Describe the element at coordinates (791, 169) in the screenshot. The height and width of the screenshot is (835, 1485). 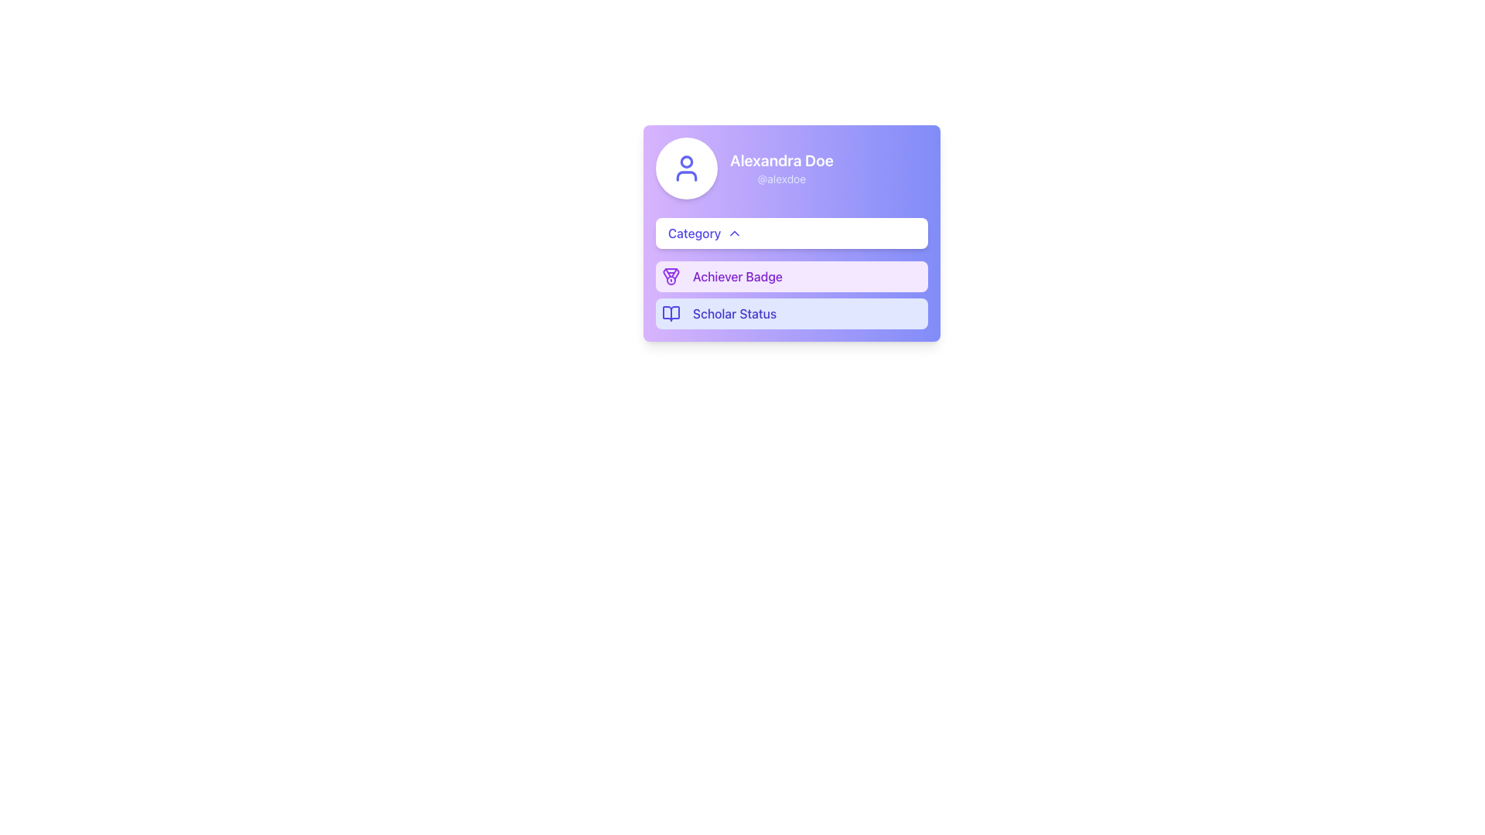
I see `the Profile Card Header, which features a circular avatar icon and the name 'Alexandra Doe' in bold white font, set against a gradient background from purple to indigo` at that location.